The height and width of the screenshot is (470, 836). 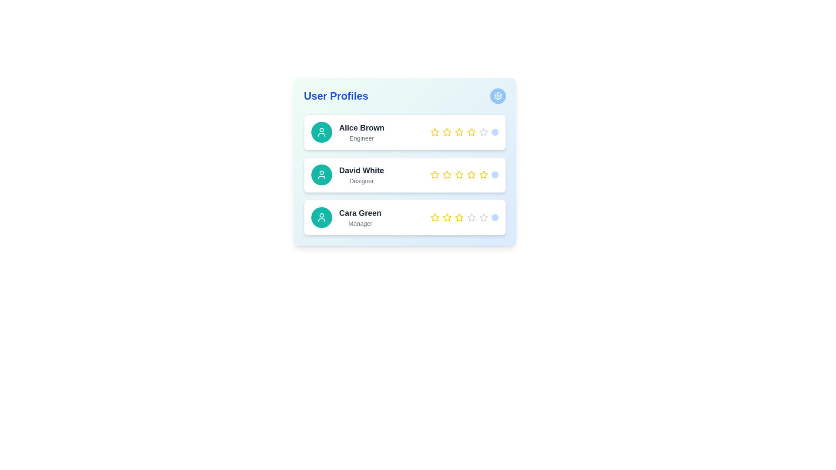 What do you see at coordinates (458, 132) in the screenshot?
I see `the fourth star-shaped rating icon in the rating section of 'Alice Brown's' user profile` at bounding box center [458, 132].